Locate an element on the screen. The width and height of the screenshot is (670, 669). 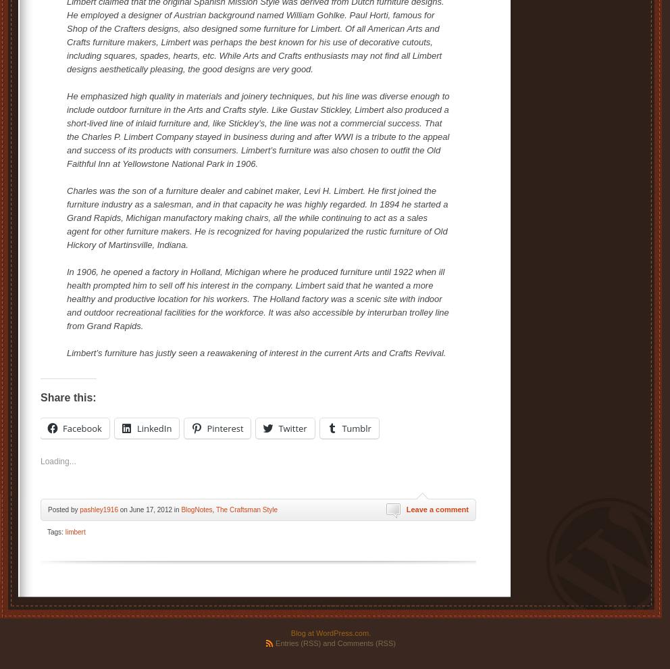
'Leave a comment' is located at coordinates (437, 508).